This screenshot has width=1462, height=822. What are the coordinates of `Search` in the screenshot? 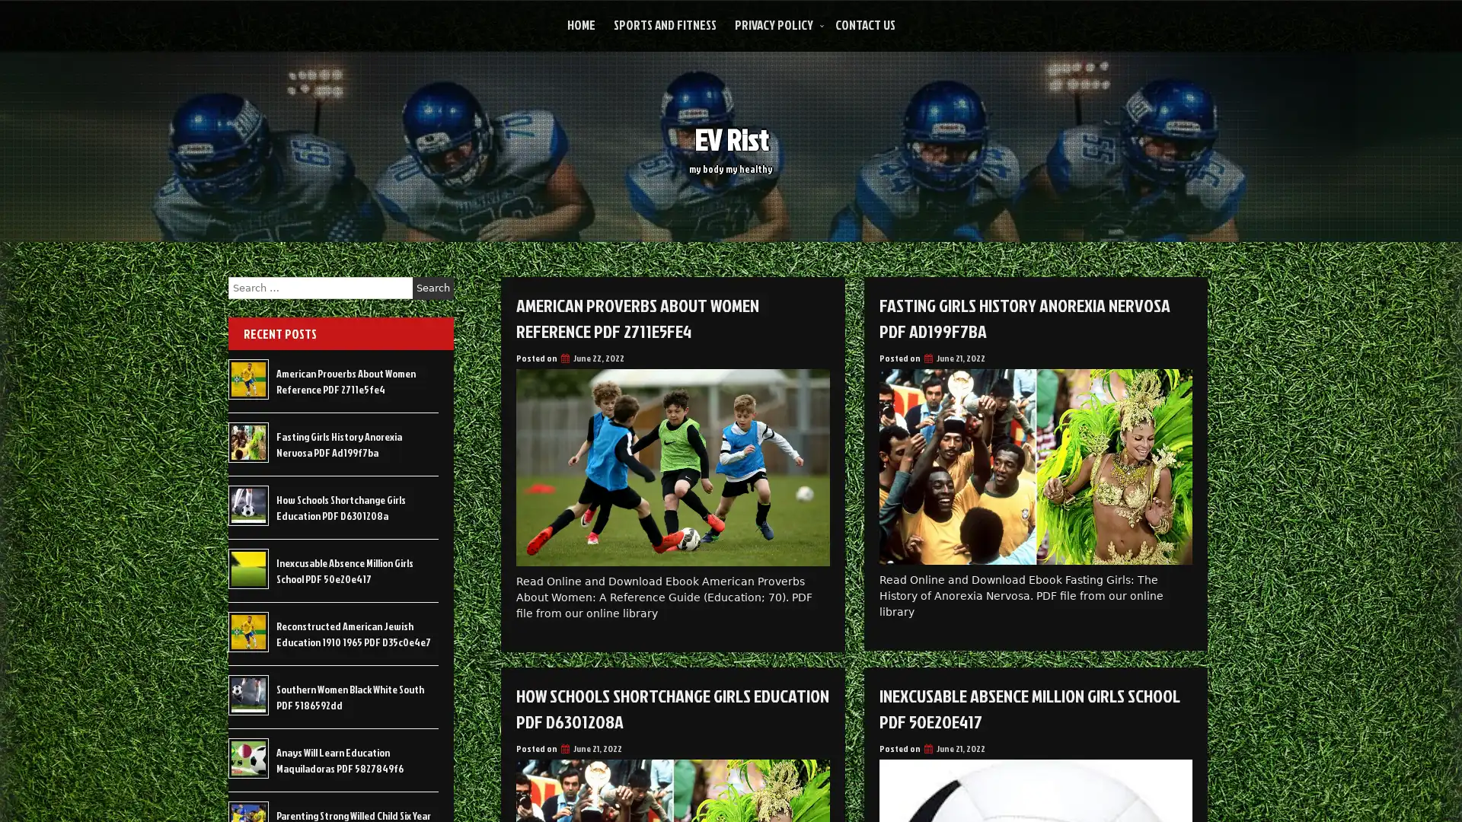 It's located at (433, 288).